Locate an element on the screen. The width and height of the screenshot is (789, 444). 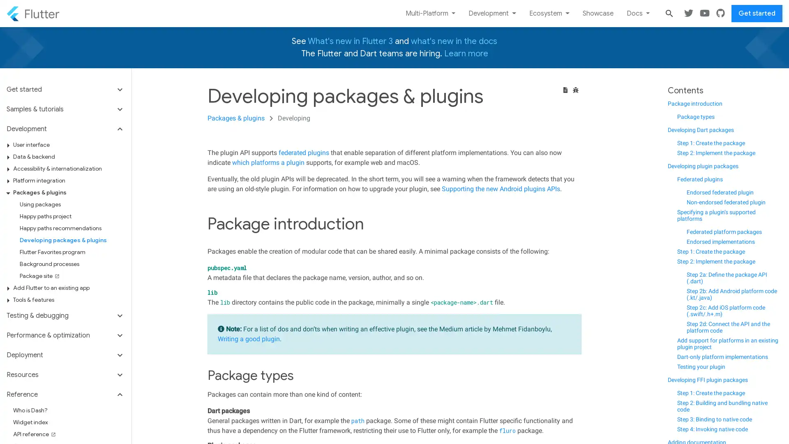
arrow_drop_down User interface is located at coordinates (69, 144).